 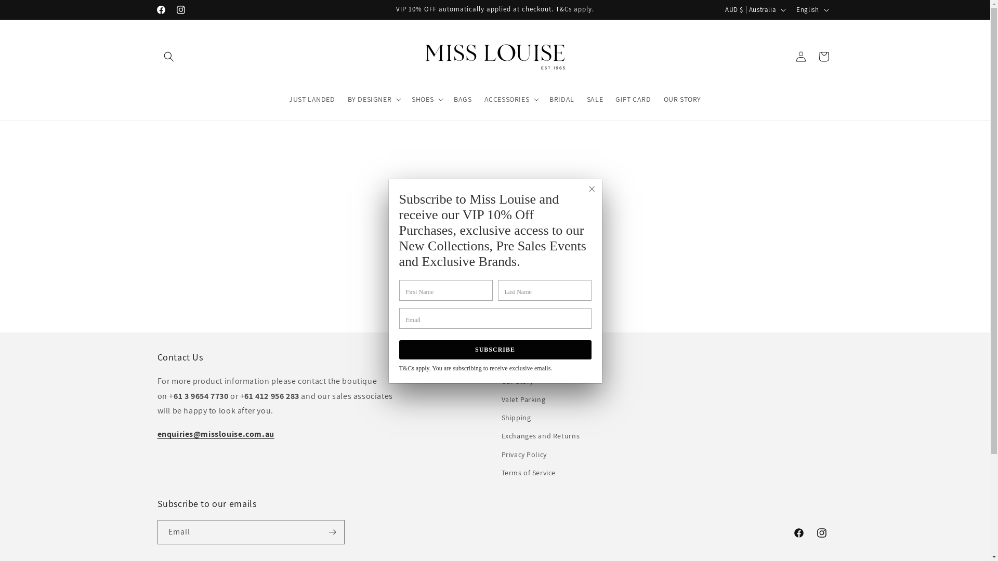 What do you see at coordinates (595, 99) in the screenshot?
I see `'SALE'` at bounding box center [595, 99].